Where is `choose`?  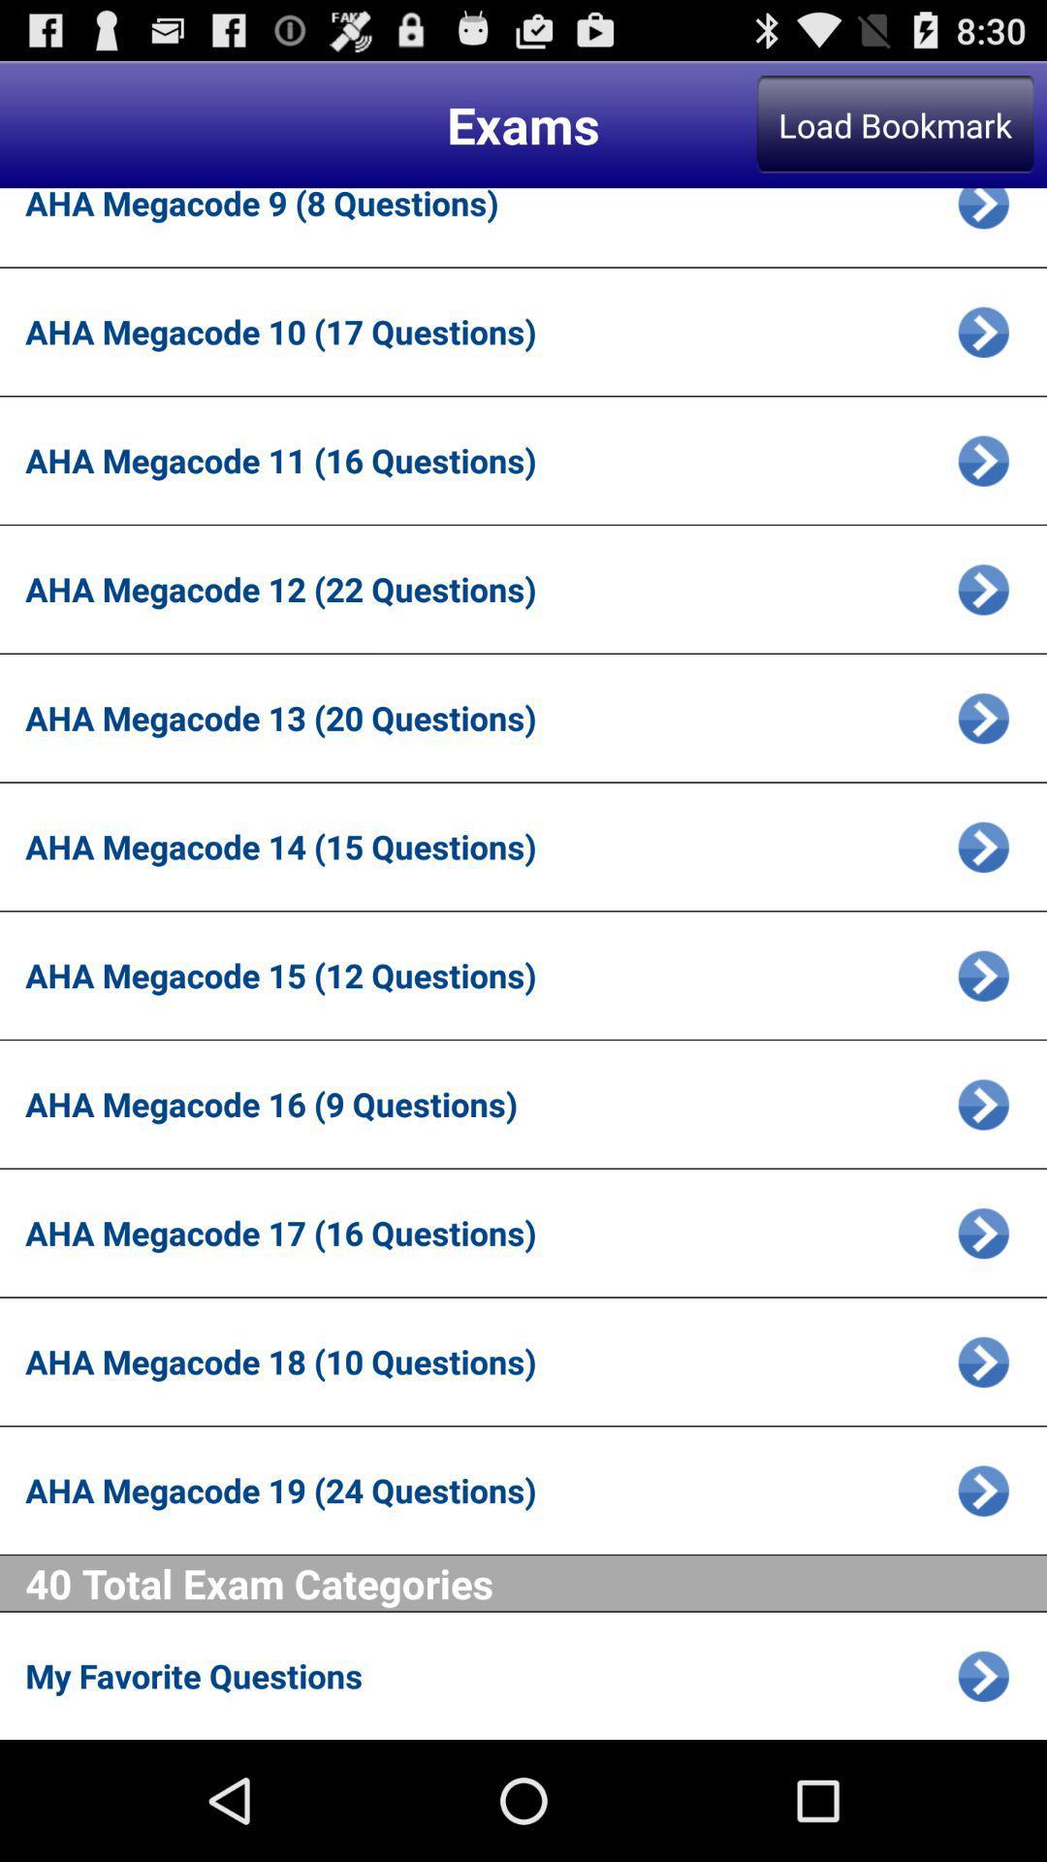 choose is located at coordinates (983, 847).